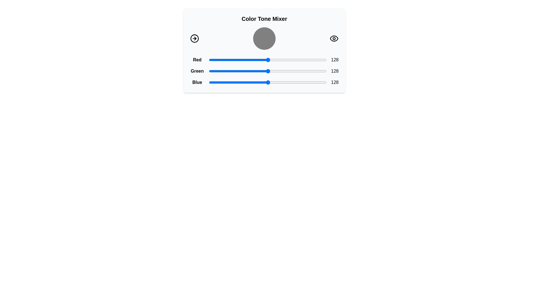  What do you see at coordinates (258, 71) in the screenshot?
I see `the green color intensity` at bounding box center [258, 71].